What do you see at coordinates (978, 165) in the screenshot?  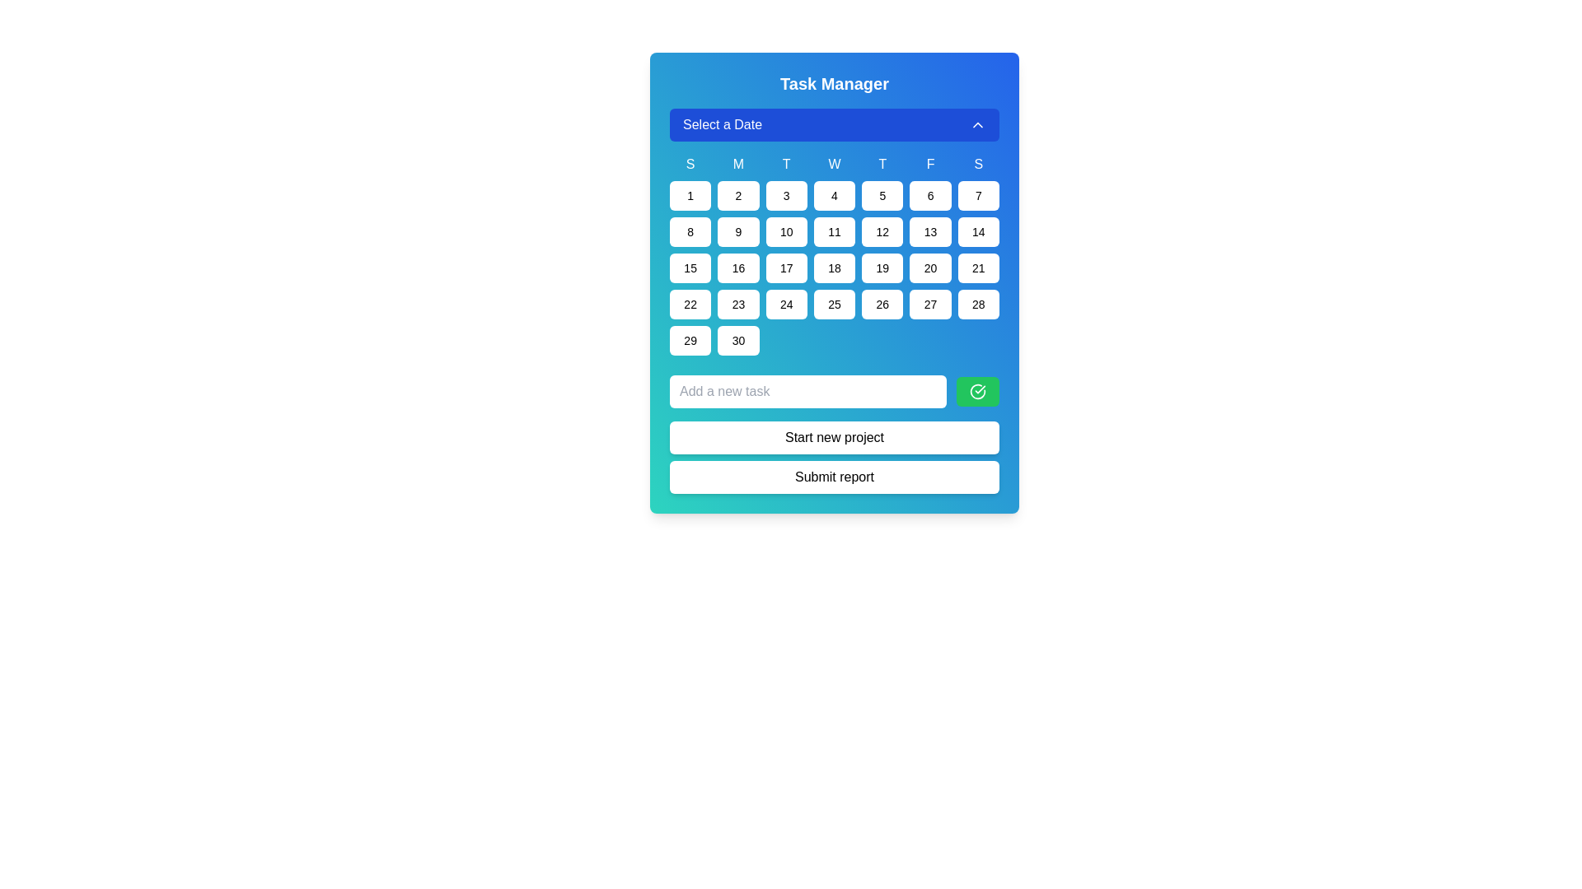 I see `the last 'S' in the header row of the calendar grid, which denotes the days of the week` at bounding box center [978, 165].